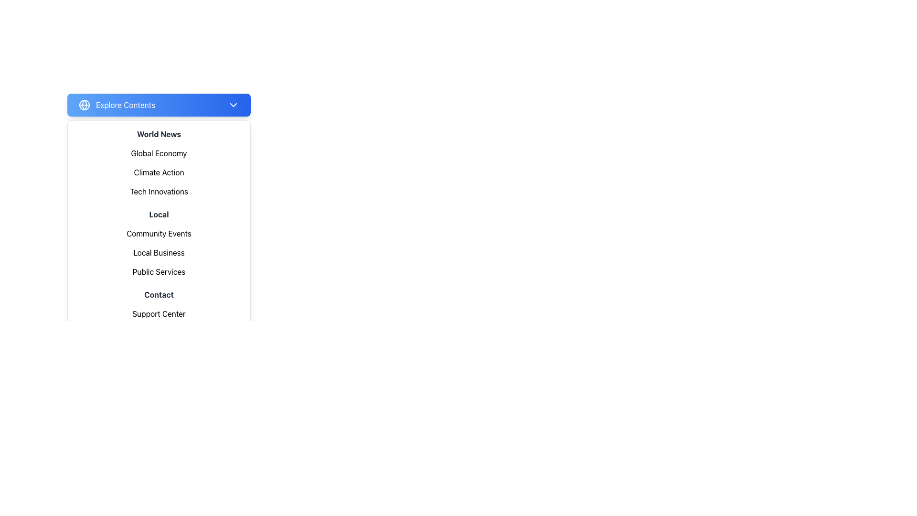 The height and width of the screenshot is (516, 917). I want to click on the first navigational text label under the 'Local' heading in the dropdown menu, so click(159, 234).